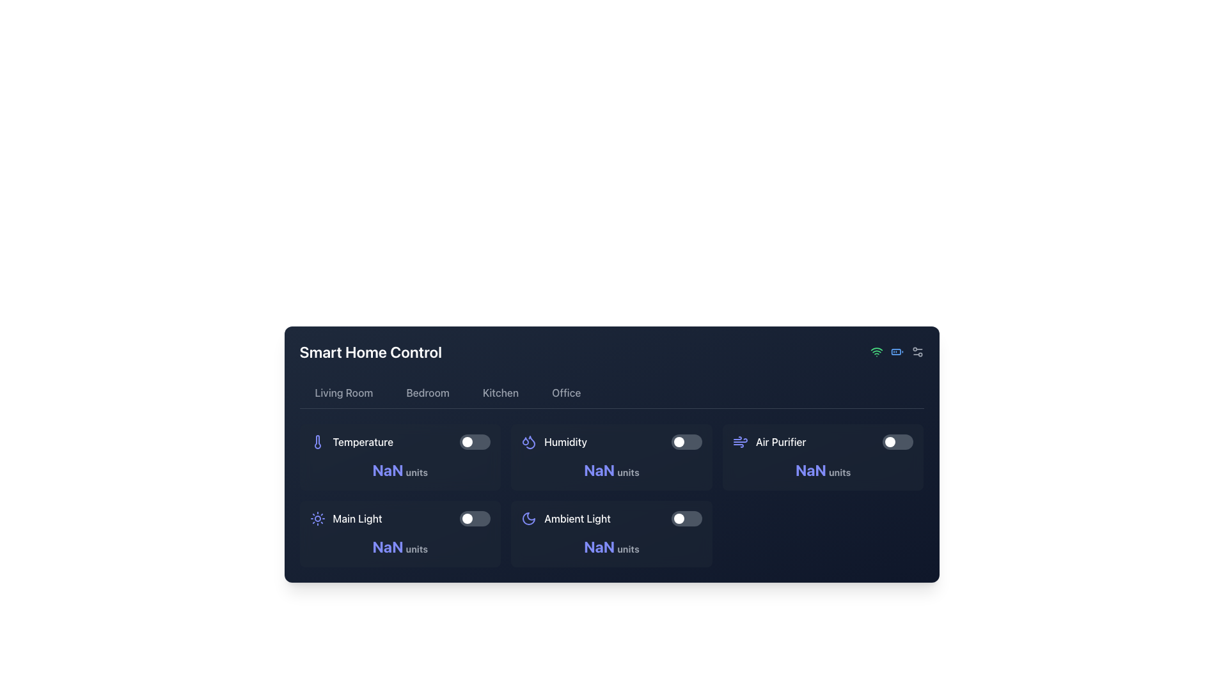 Image resolution: width=1228 pixels, height=690 pixels. I want to click on the Static text label that serves as a unit descriptor for the 'NaN' value displayed in the Temperature section of the Smart Home Control panel, so click(416, 472).